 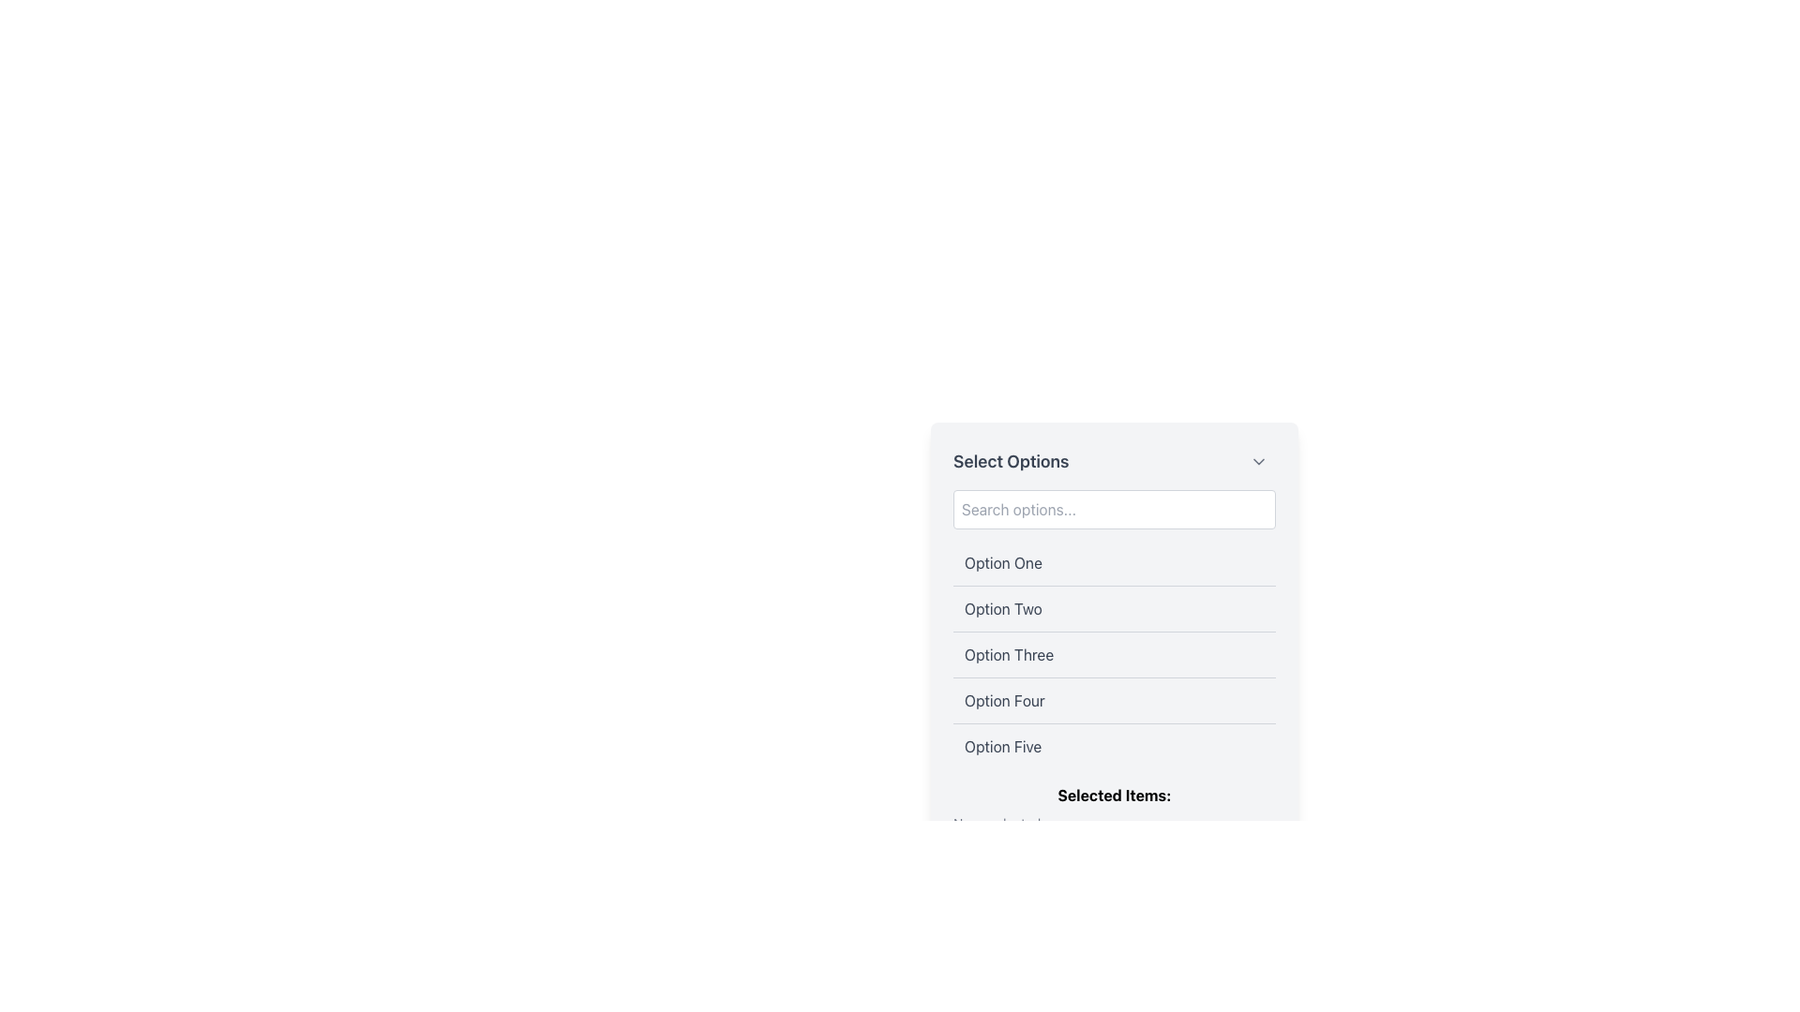 I want to click on the text label displaying 'Selected Items:' which is bold and located near the lower section of a dropdown menu interface, above the text 'None selected', so click(x=1115, y=795).